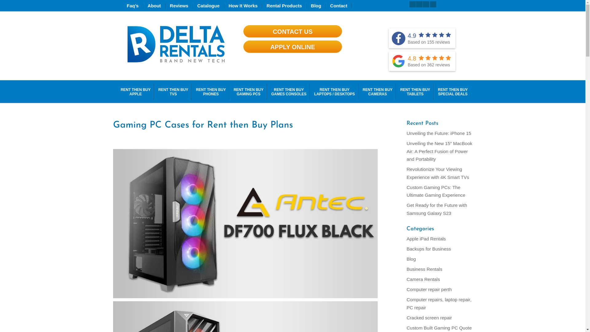 Image resolution: width=590 pixels, height=332 pixels. I want to click on 'Business Rentals', so click(424, 269).